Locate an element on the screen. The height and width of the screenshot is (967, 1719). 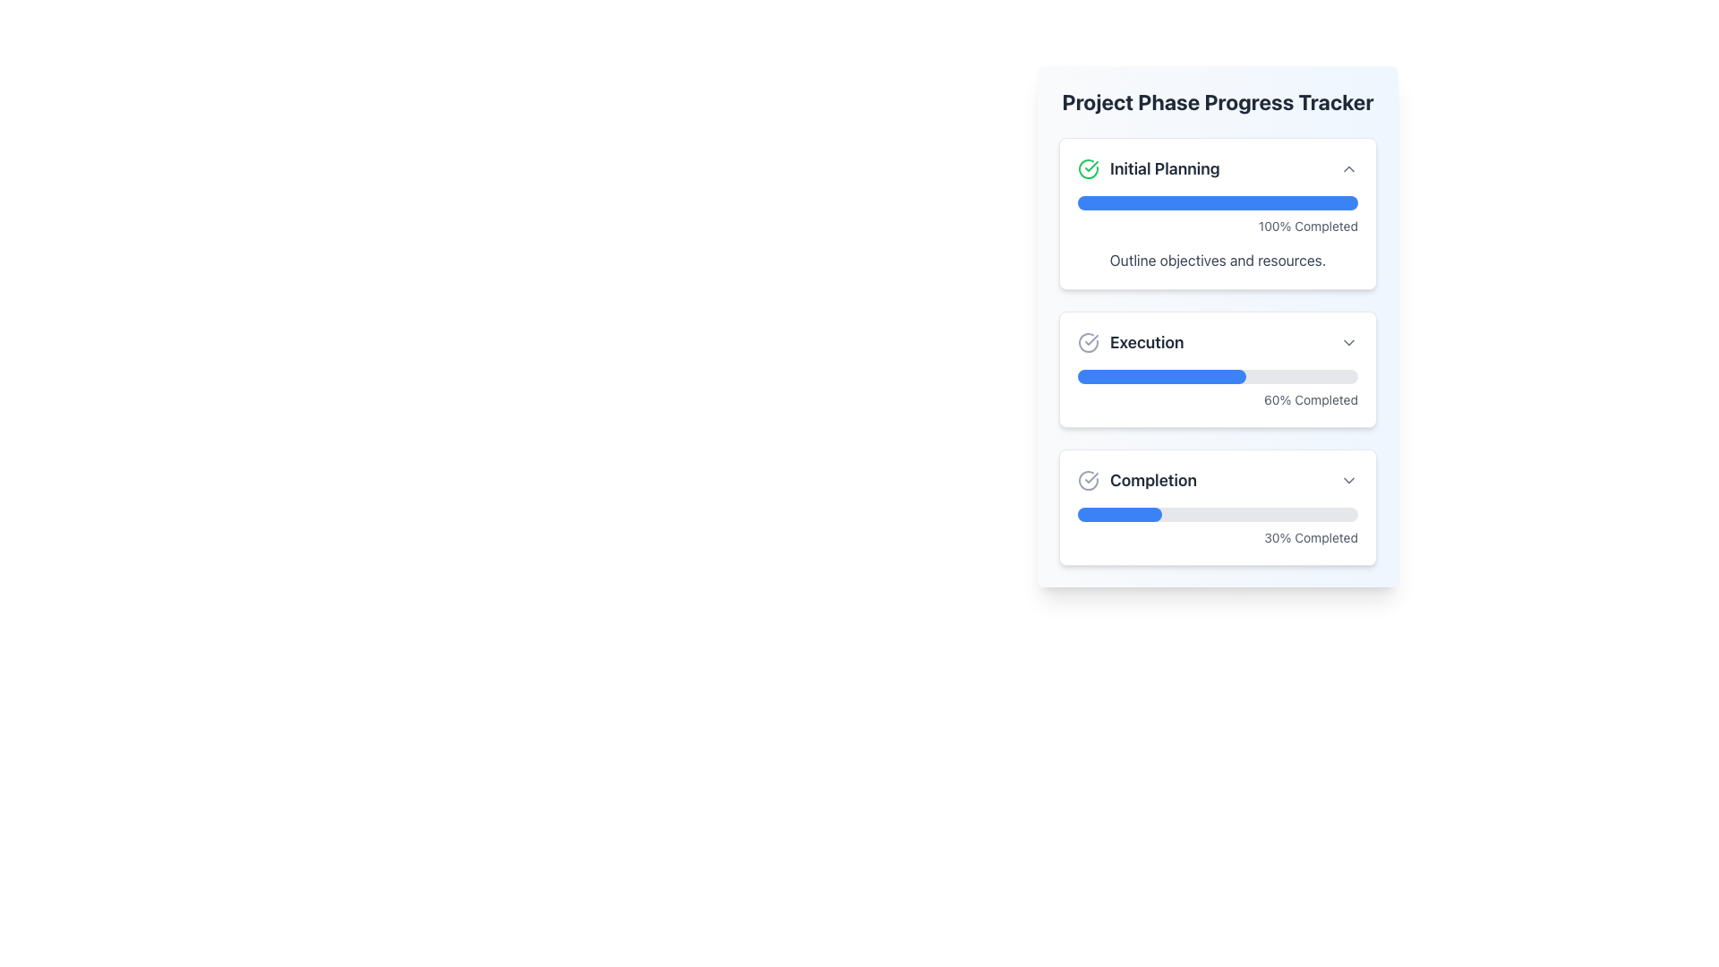
the Progress bar segment indicating 30% completion in the 'Completion' section of the 'Project Phase Progress Tracker' is located at coordinates (1118, 514).